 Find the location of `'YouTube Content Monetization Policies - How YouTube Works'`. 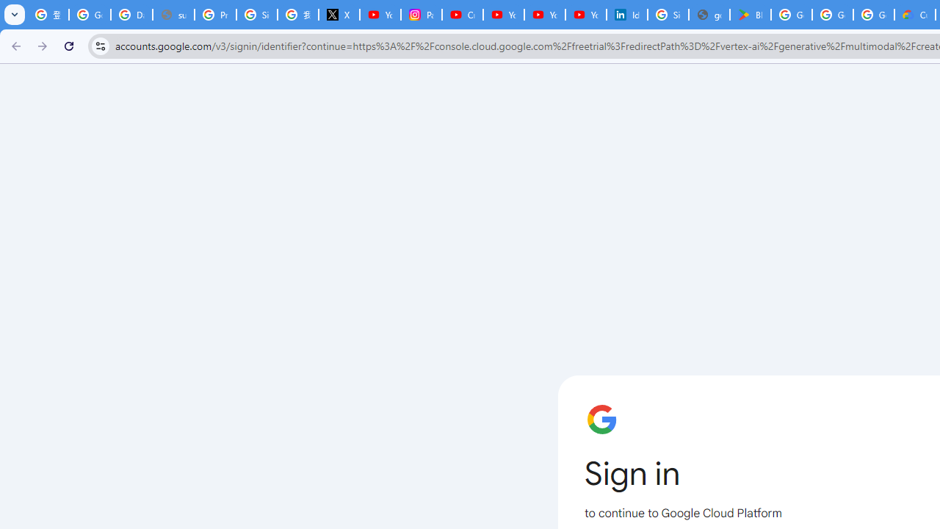

'YouTube Content Monetization Policies - How YouTube Works' is located at coordinates (380, 15).